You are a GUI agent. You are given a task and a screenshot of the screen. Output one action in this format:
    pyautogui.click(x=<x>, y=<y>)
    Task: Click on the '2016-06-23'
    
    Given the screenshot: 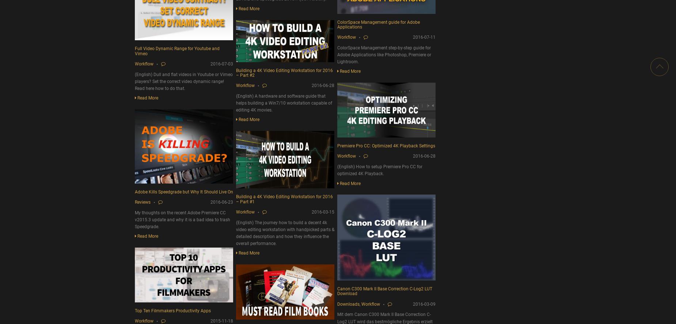 What is the action you would take?
    pyautogui.click(x=221, y=201)
    